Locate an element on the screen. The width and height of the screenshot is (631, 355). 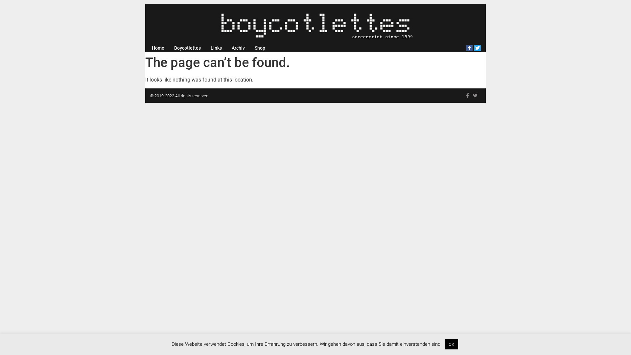
'OK' is located at coordinates (451, 344).